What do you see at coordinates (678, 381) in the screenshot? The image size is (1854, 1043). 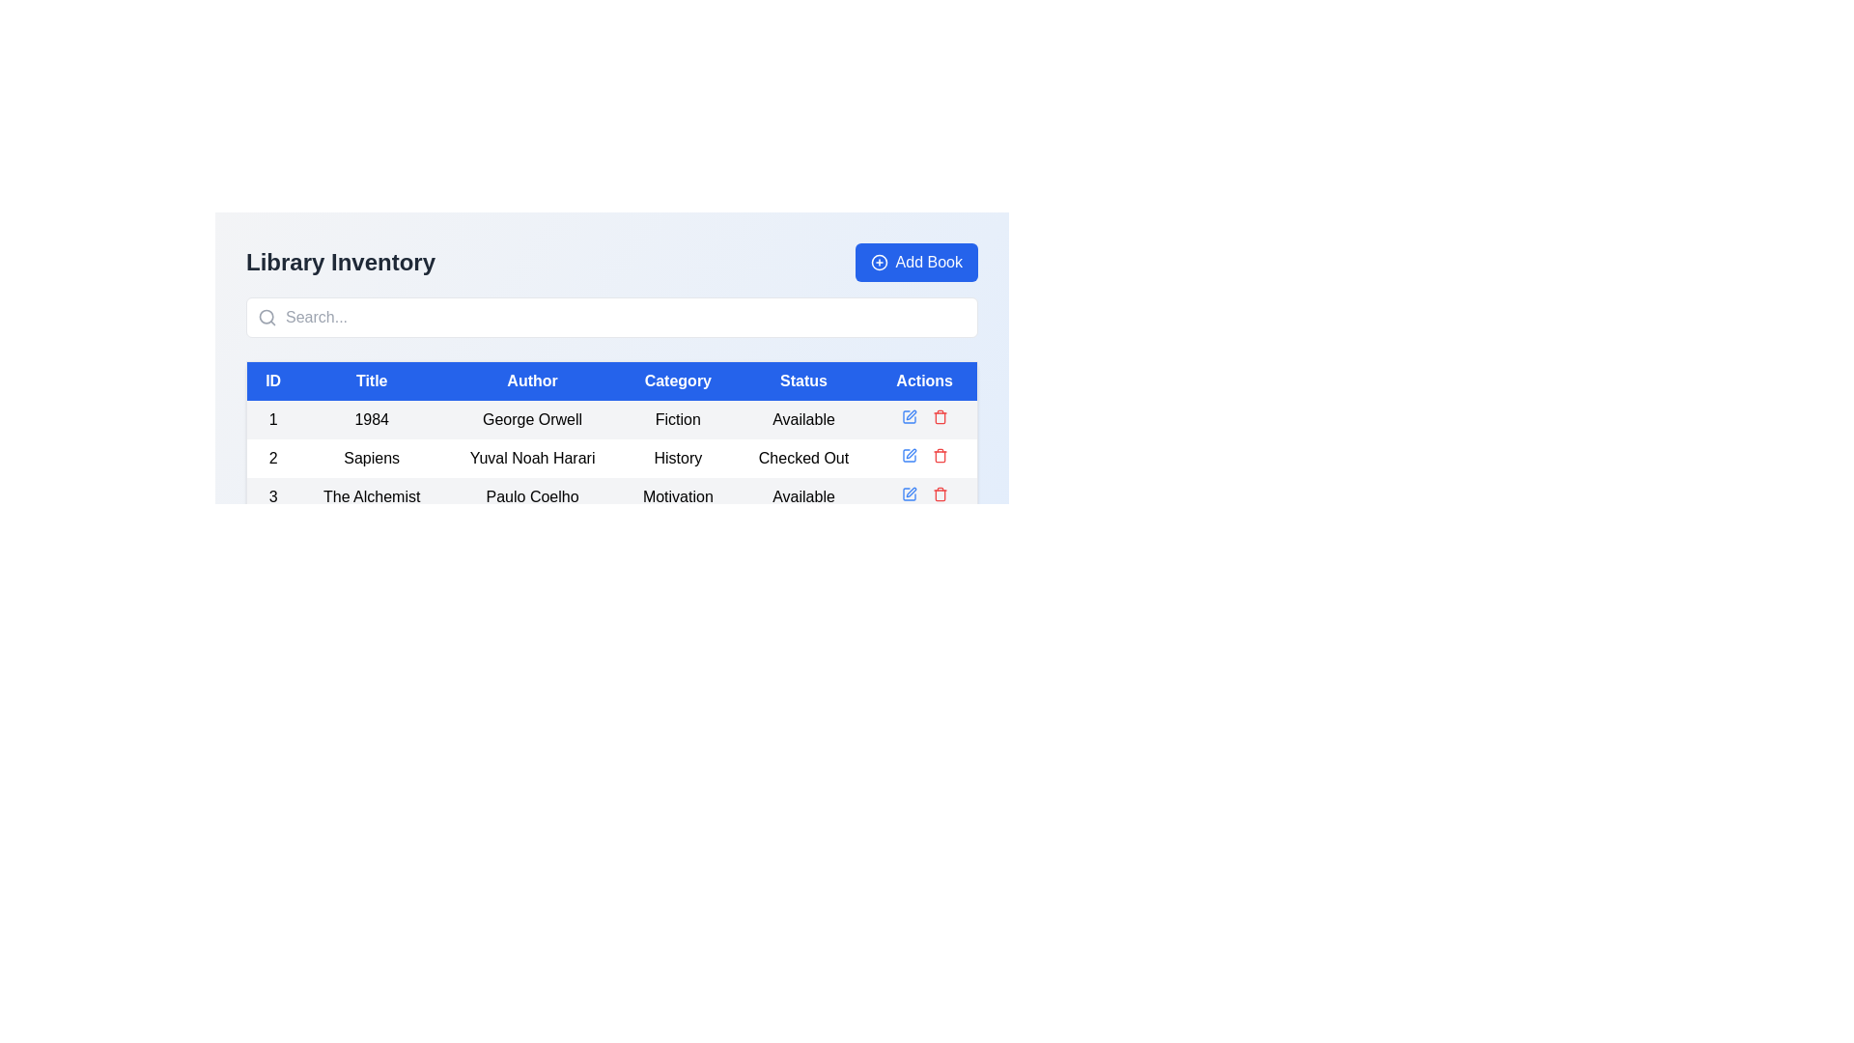 I see `the 'Category' column header in the table, which is the fourth header located between 'Author' and 'Status'` at bounding box center [678, 381].